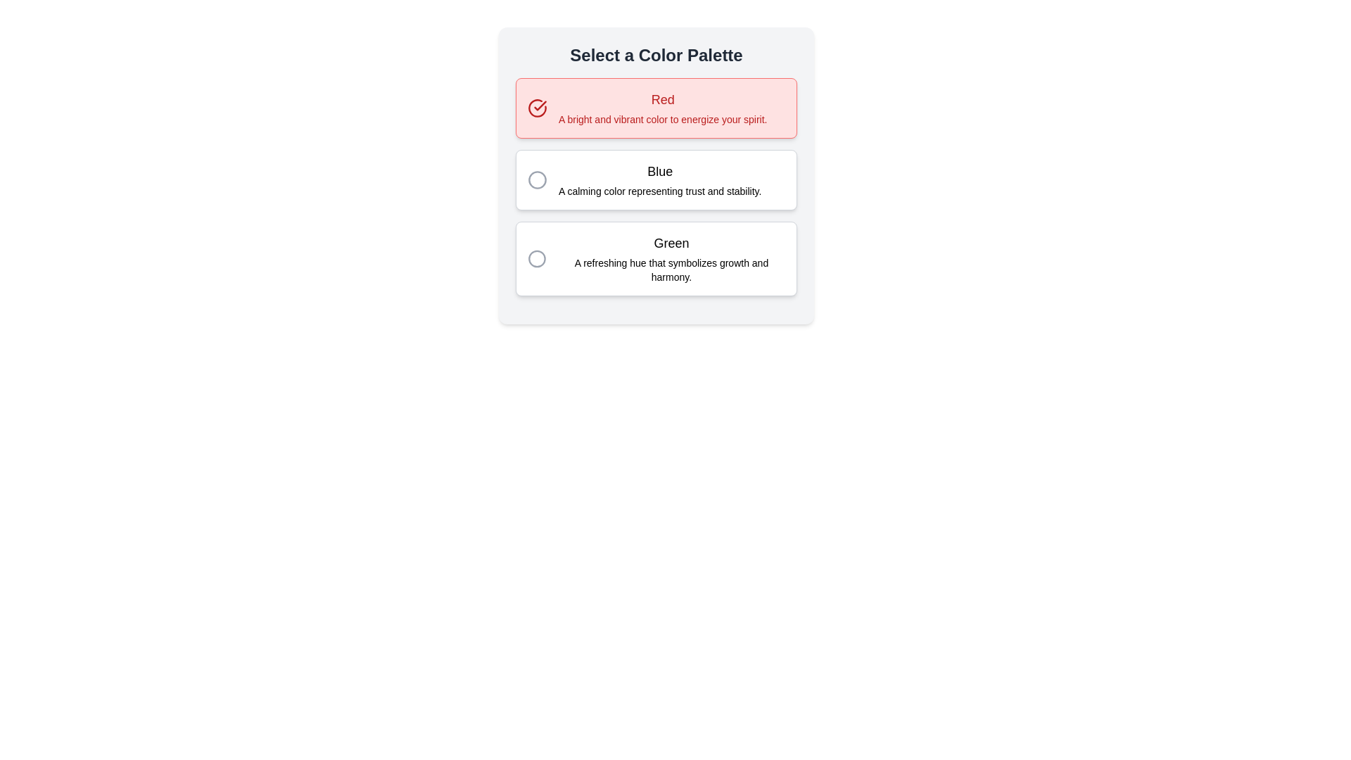 The height and width of the screenshot is (760, 1351). What do you see at coordinates (536, 179) in the screenshot?
I see `the circular icon with a light gray border and white fill, located to the left of the list item labeled 'Blue'` at bounding box center [536, 179].